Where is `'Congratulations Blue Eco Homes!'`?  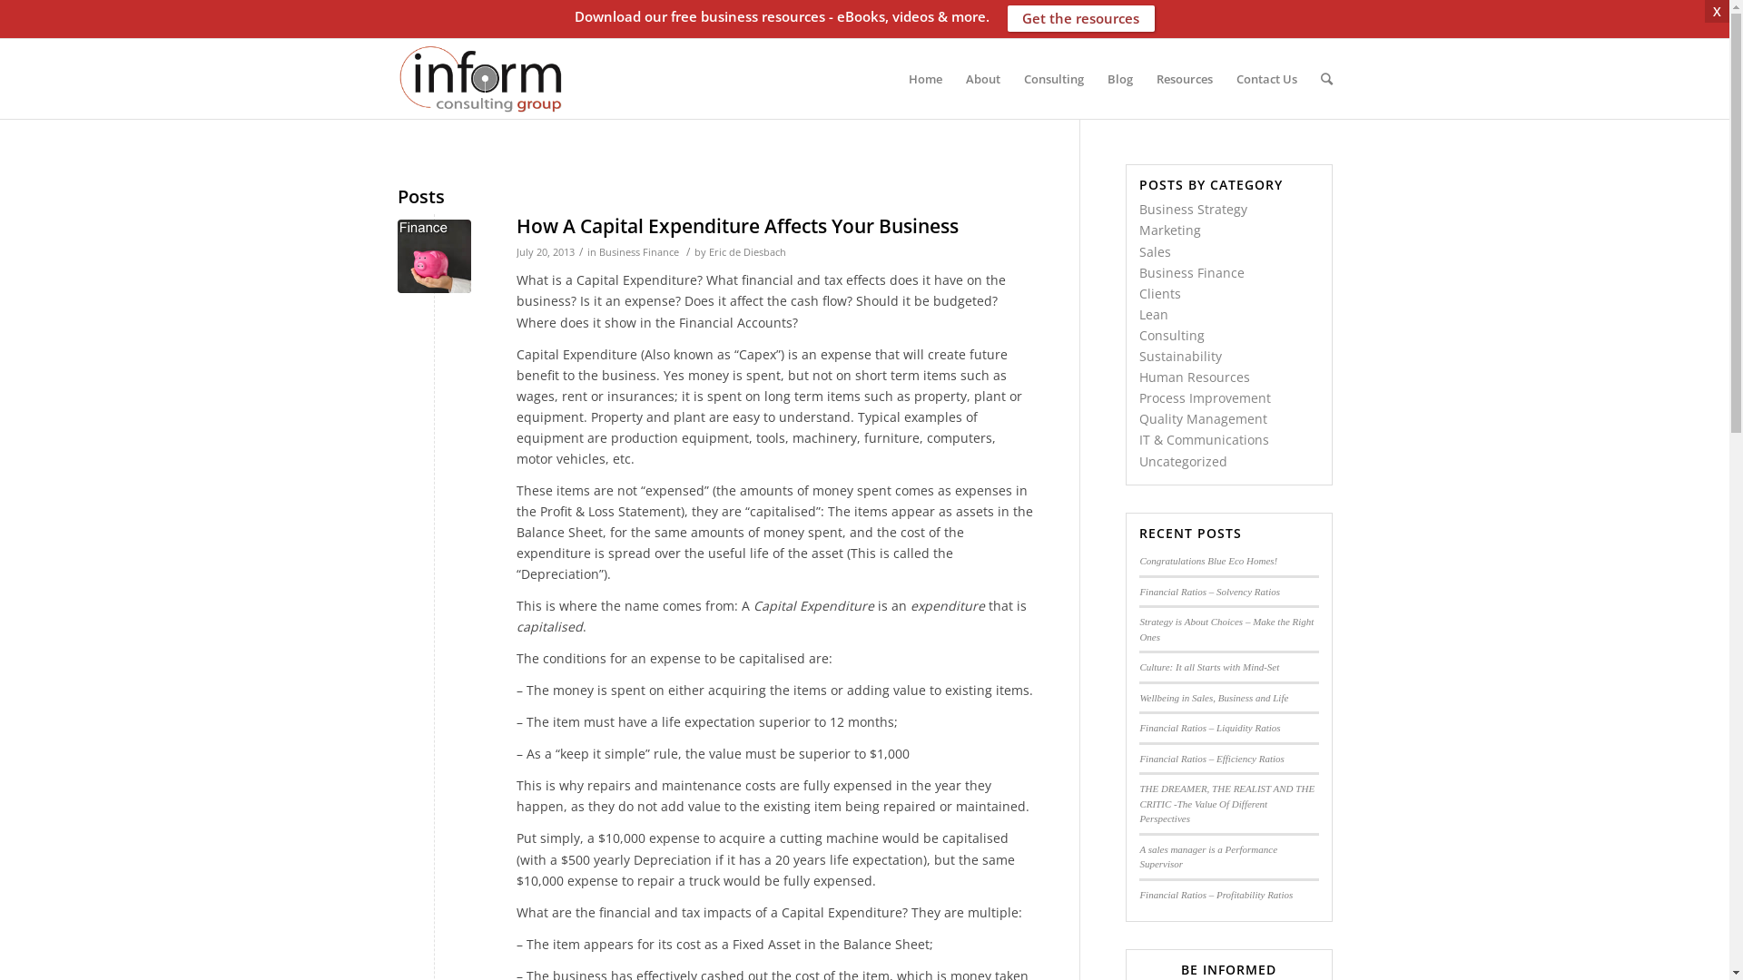 'Congratulations Blue Eco Homes!' is located at coordinates (1137, 559).